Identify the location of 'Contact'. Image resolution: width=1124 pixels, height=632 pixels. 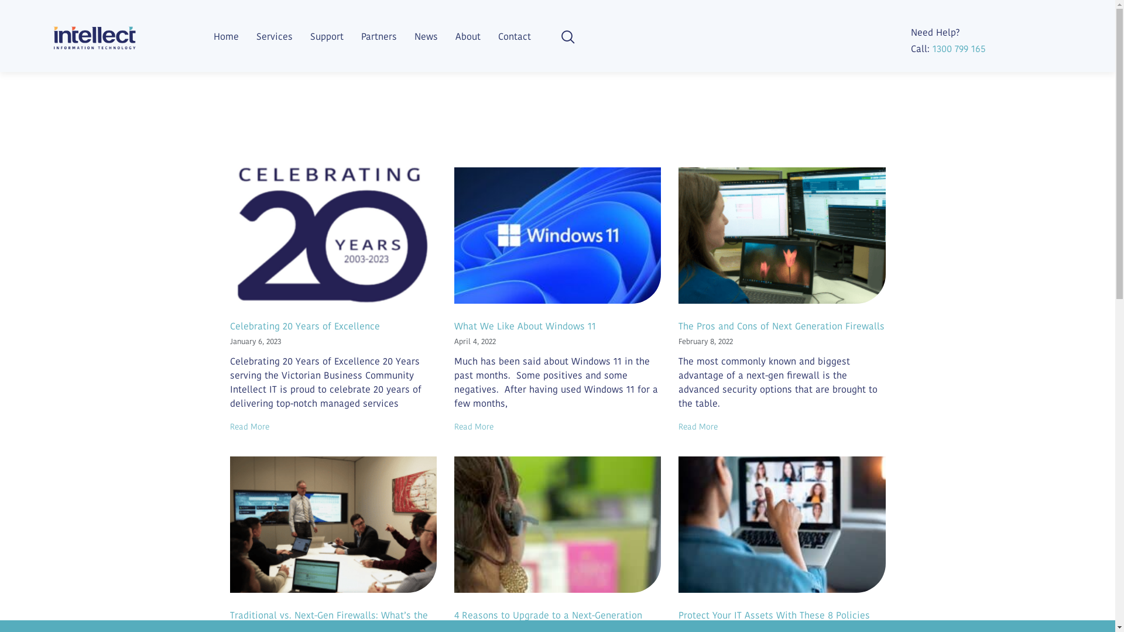
(514, 36).